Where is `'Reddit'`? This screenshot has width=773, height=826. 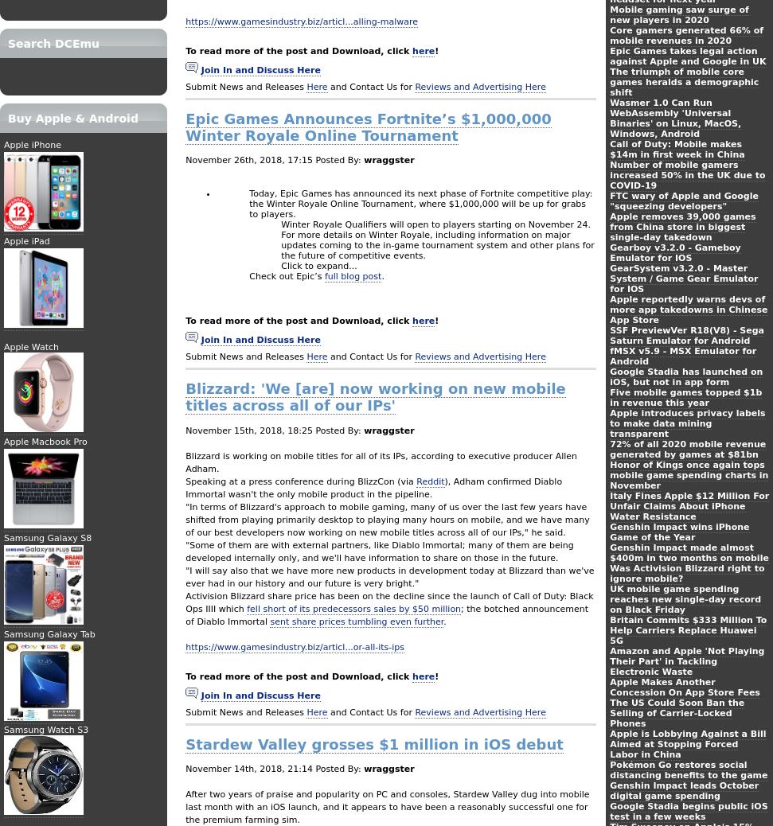
'Reddit' is located at coordinates (430, 480).